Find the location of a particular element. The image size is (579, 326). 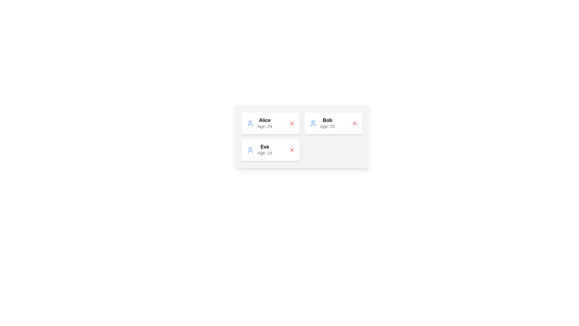

the user icon for Alice is located at coordinates (250, 123).